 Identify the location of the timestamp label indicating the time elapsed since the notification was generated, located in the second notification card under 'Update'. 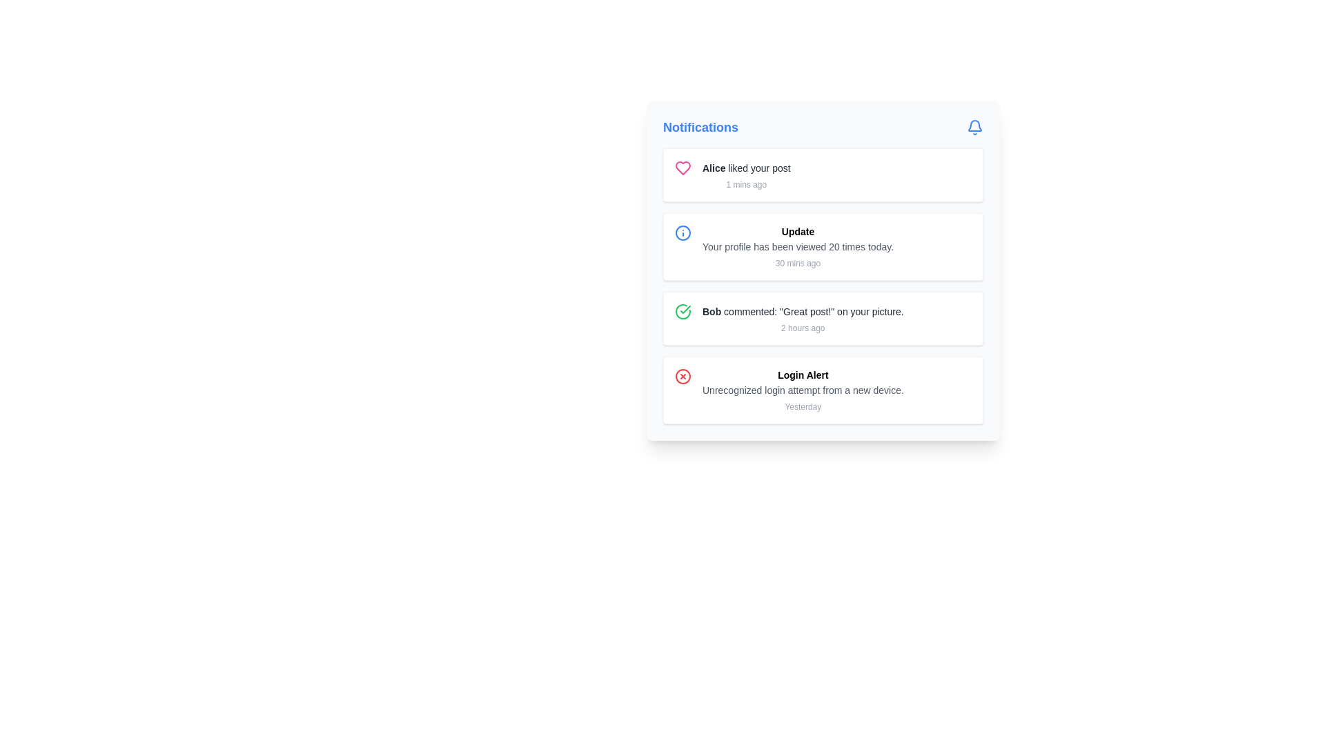
(798, 263).